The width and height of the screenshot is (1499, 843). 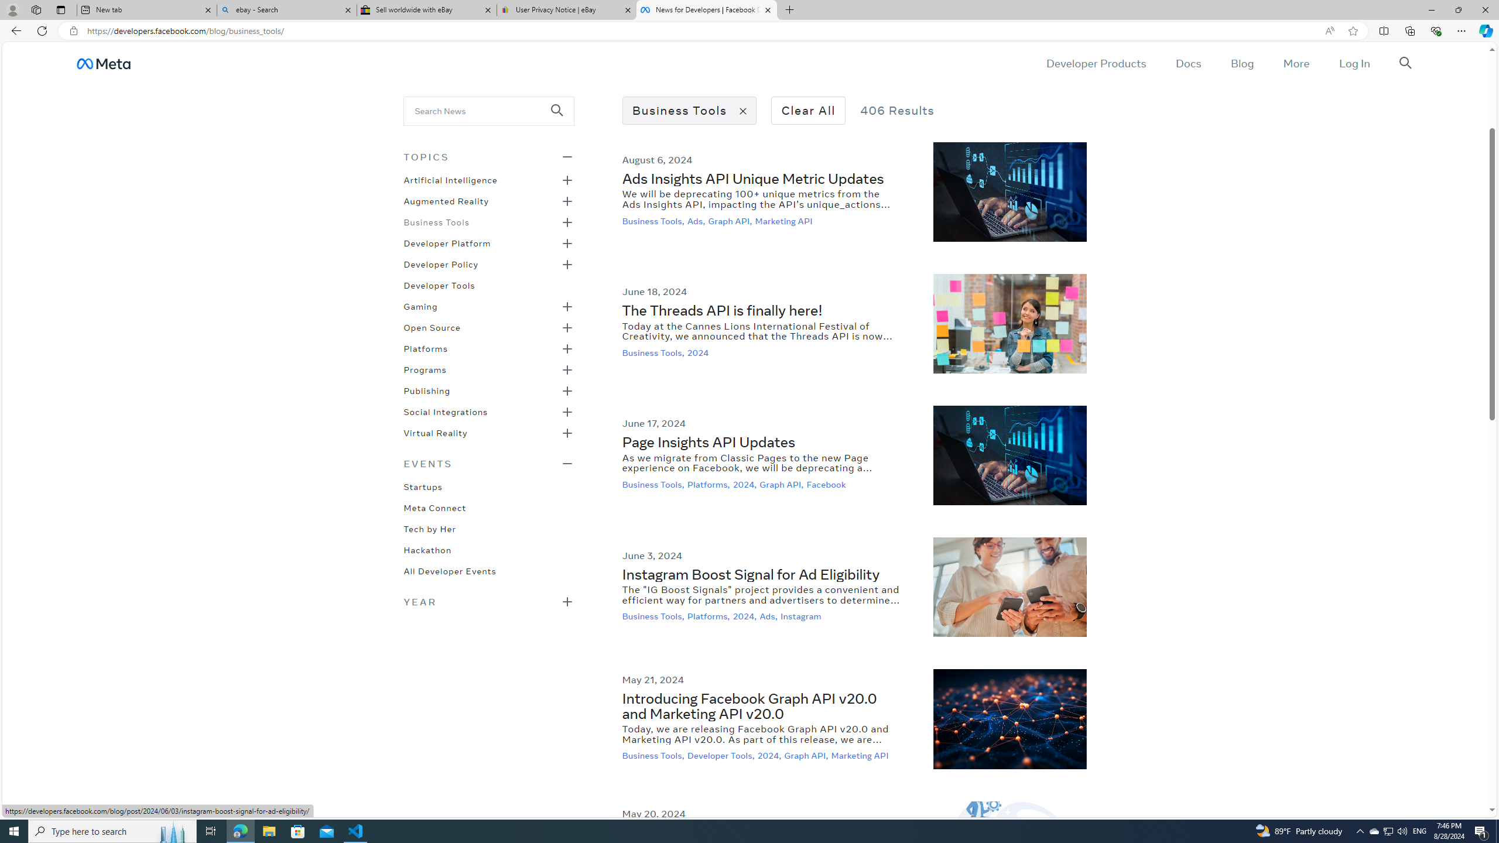 I want to click on 'New tab', so click(x=146, y=9).